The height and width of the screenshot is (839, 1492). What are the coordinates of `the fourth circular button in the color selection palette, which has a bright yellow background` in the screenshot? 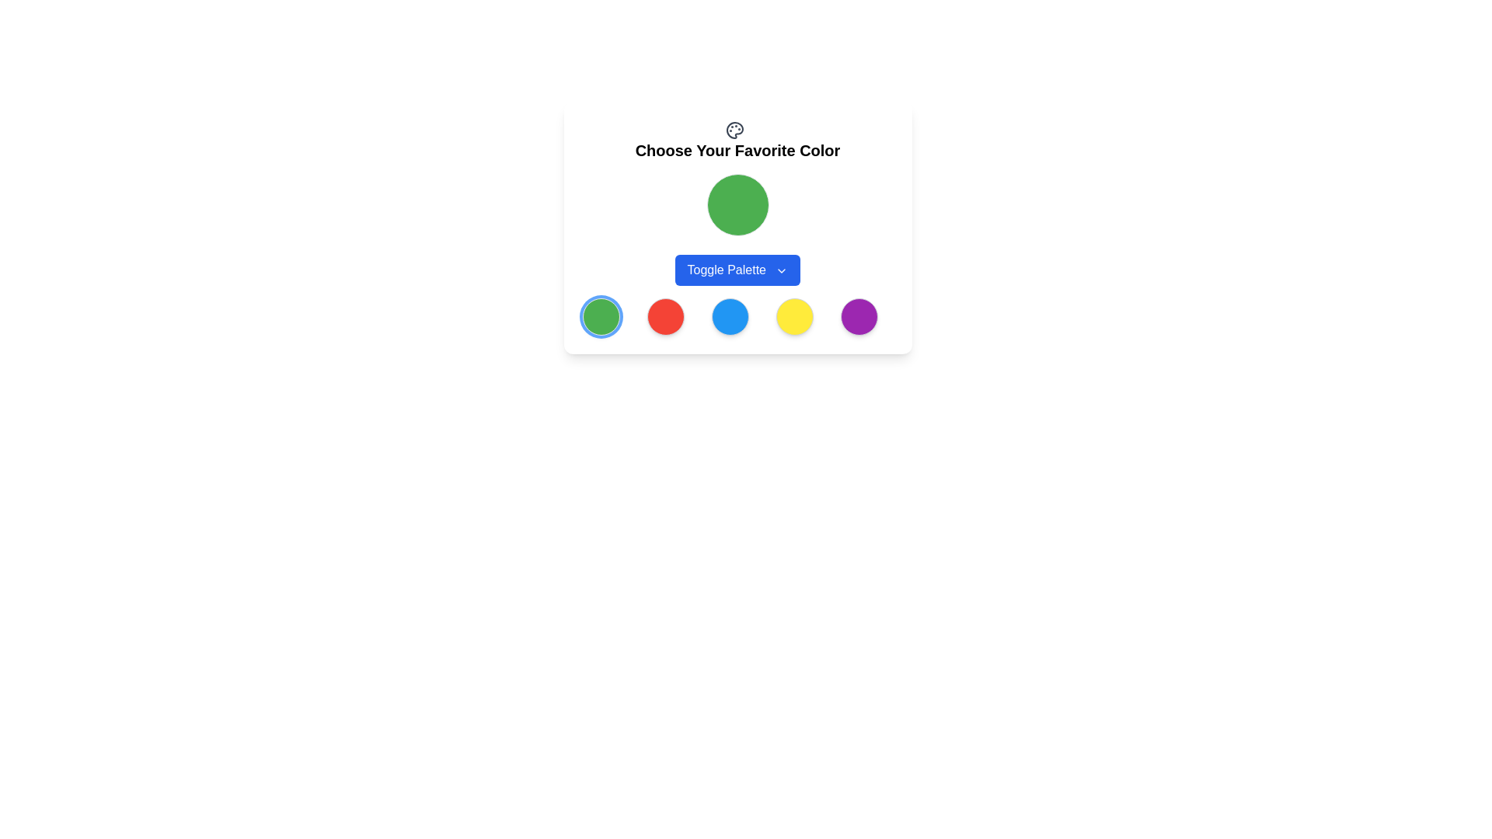 It's located at (795, 315).